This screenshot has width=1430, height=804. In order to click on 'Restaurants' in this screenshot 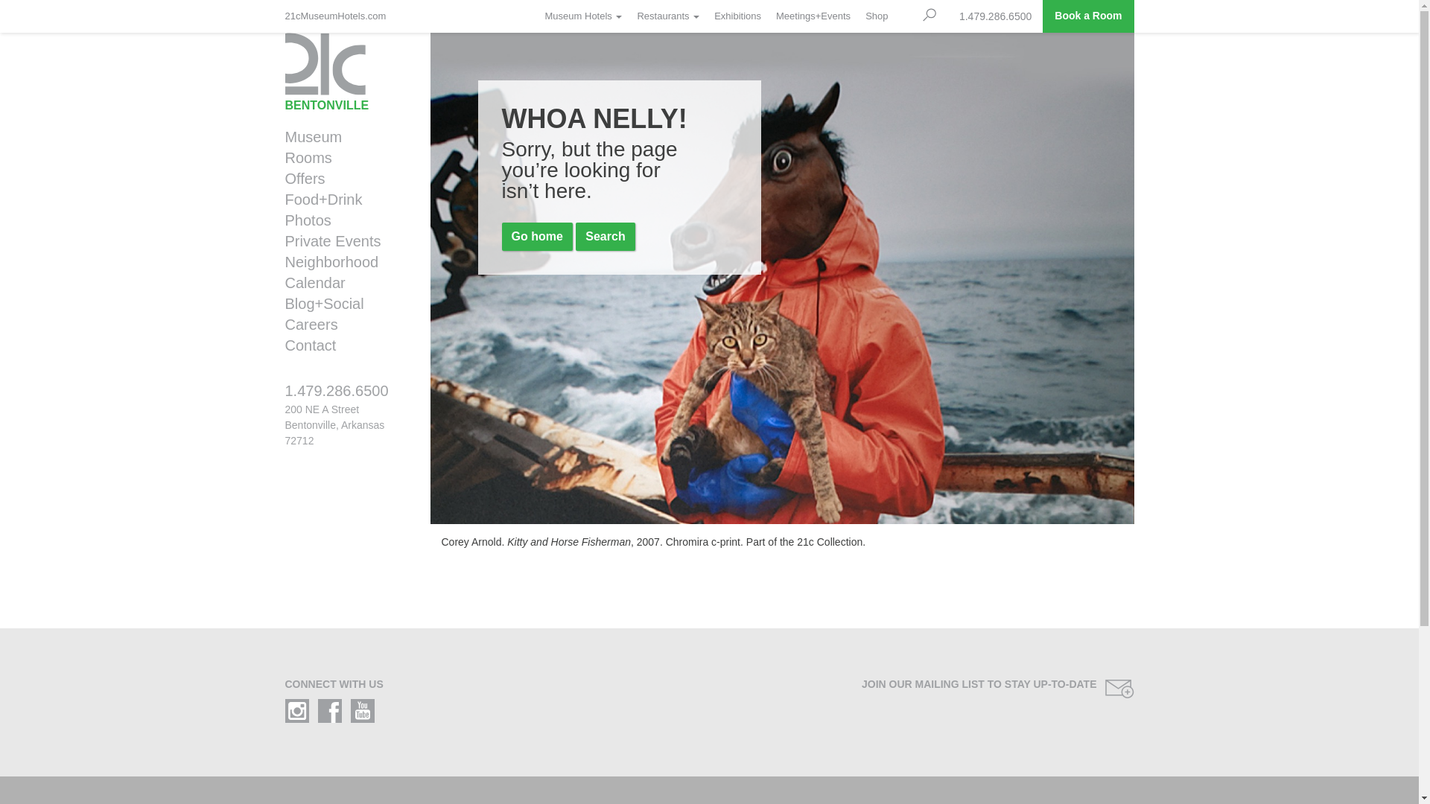, I will do `click(629, 16)`.